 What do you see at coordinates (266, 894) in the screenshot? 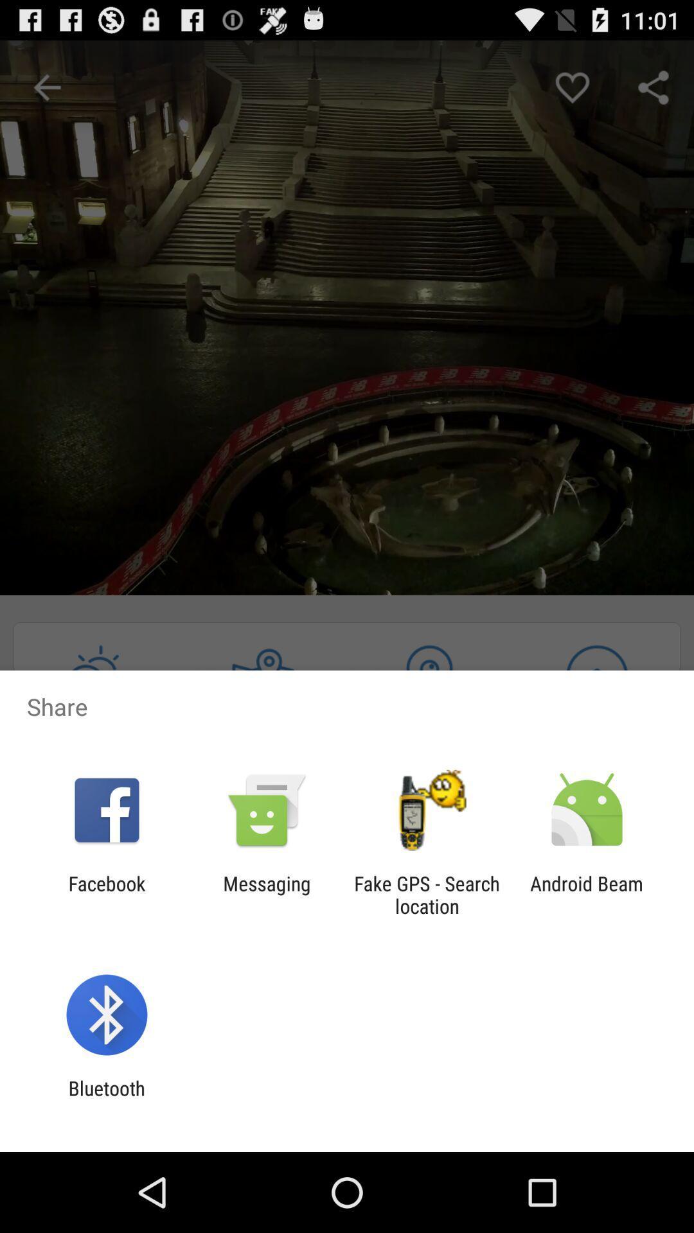
I see `app next to fake gps search` at bounding box center [266, 894].